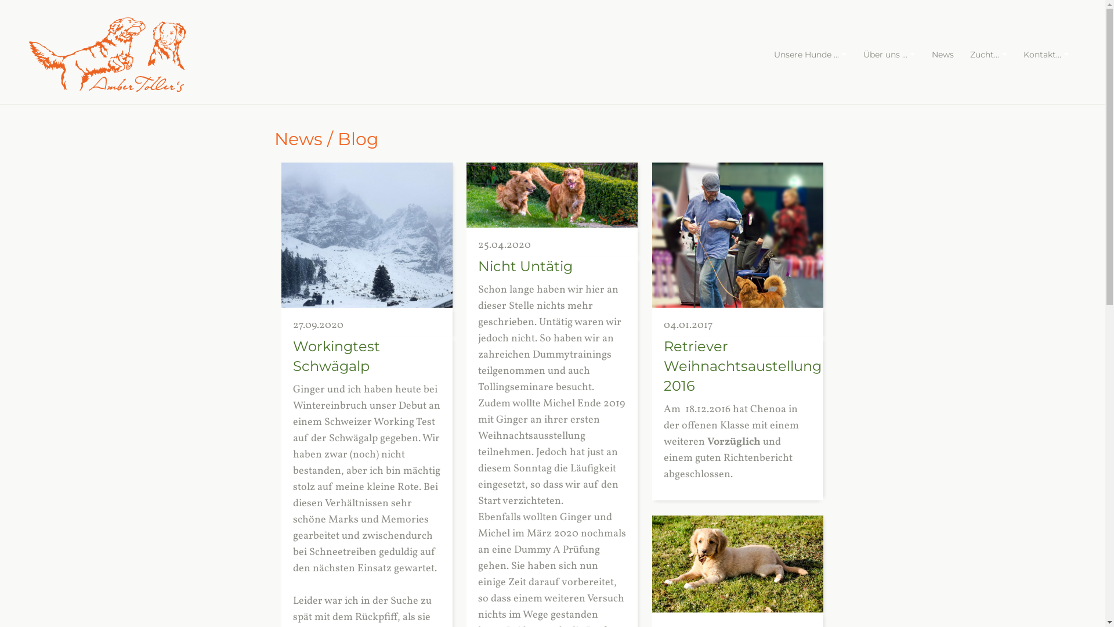 This screenshot has width=1114, height=627. Describe the element at coordinates (107, 55) in the screenshot. I see `'Amber Toller's'` at that location.